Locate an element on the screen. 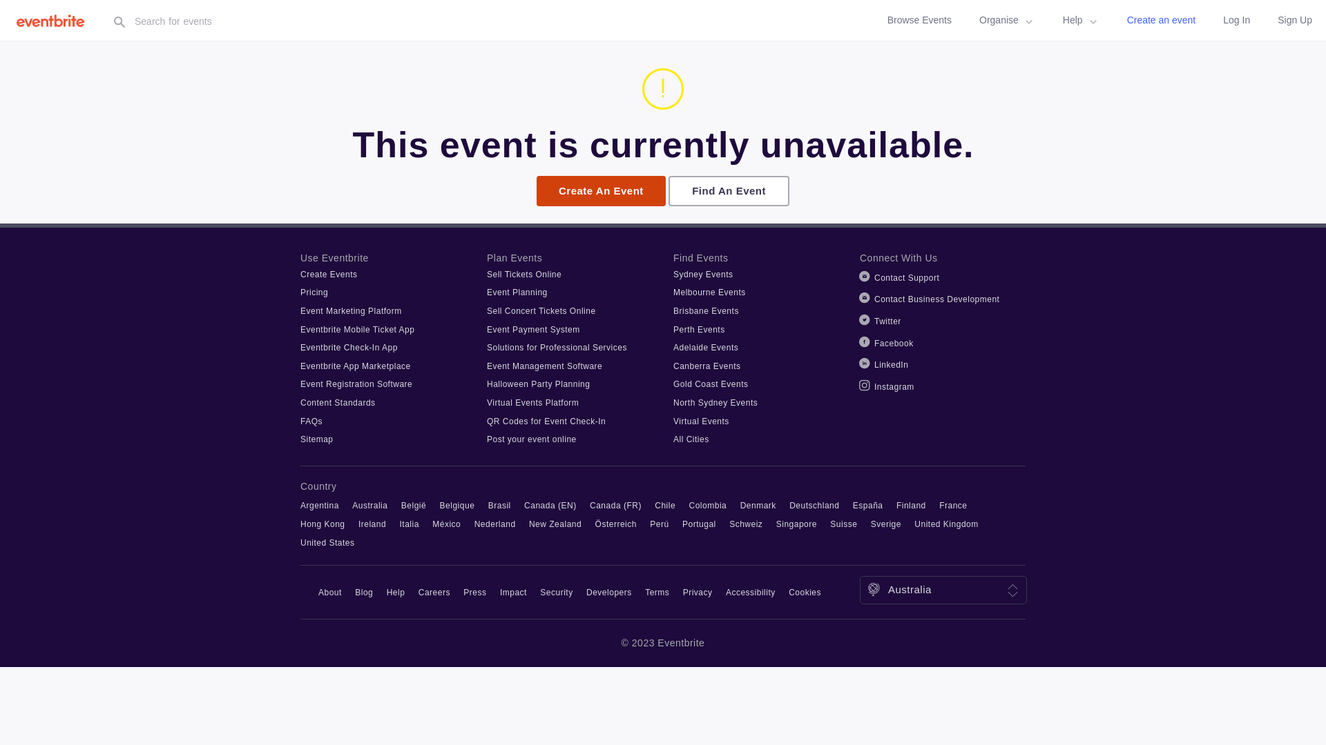 The image size is (1326, 745). 'New Zealand' is located at coordinates (528, 524).